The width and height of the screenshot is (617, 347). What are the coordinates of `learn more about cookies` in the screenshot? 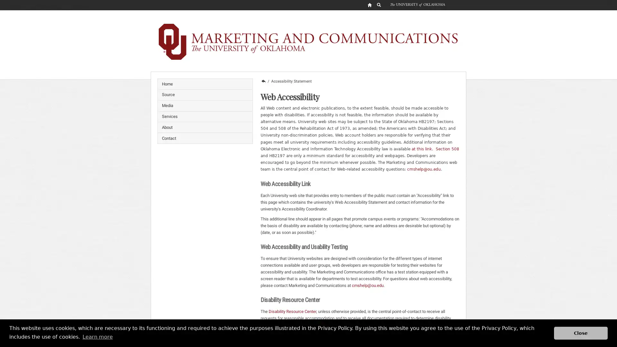 It's located at (97, 336).